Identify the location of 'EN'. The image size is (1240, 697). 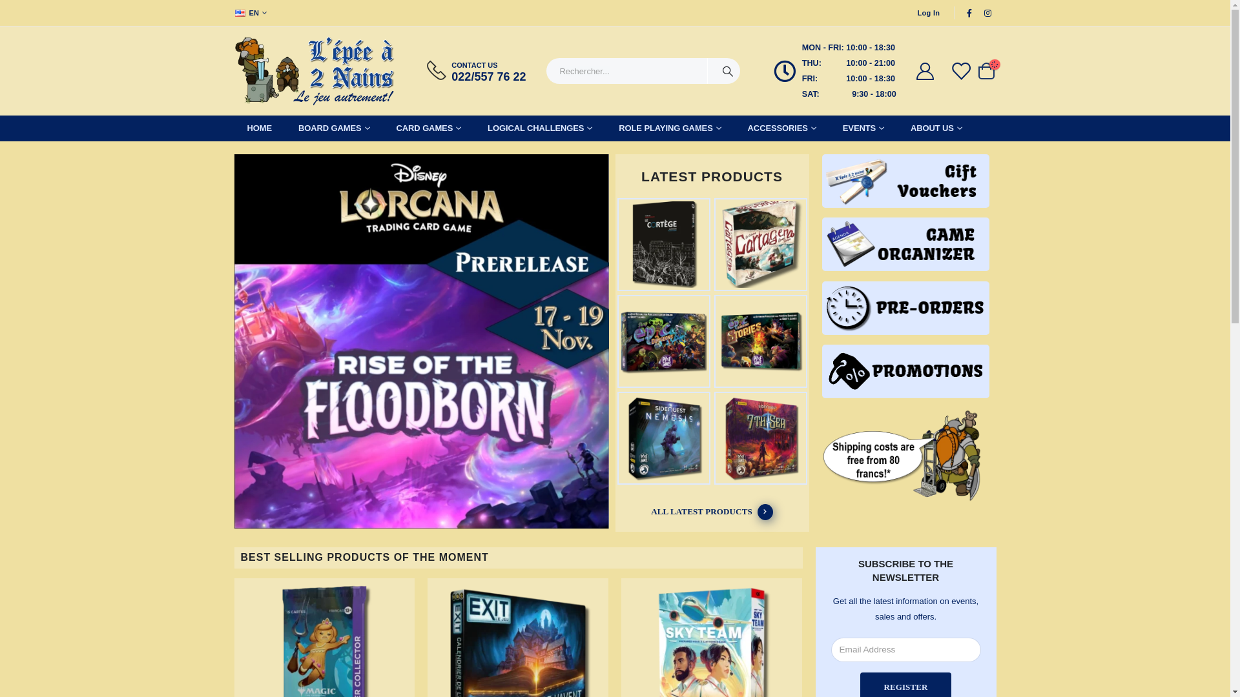
(251, 12).